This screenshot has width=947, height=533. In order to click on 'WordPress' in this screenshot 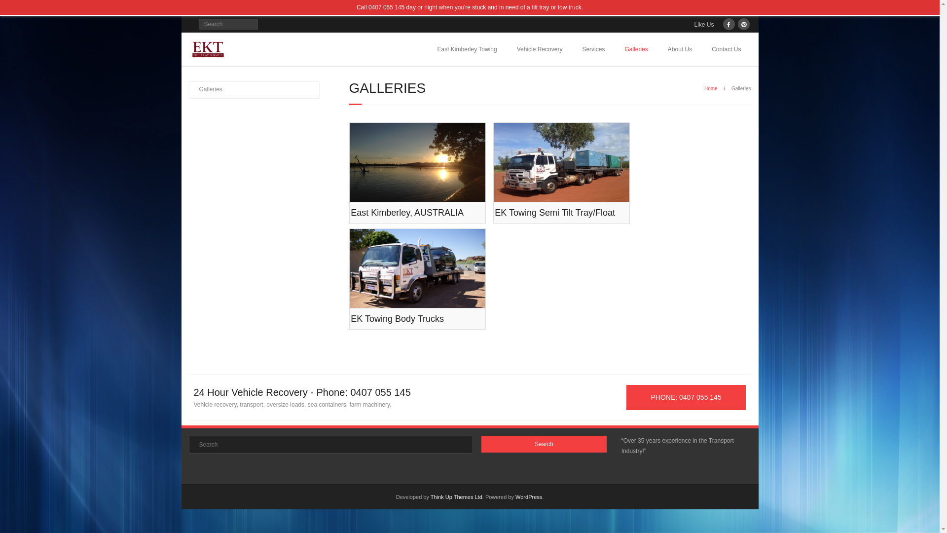, I will do `click(528, 496)`.